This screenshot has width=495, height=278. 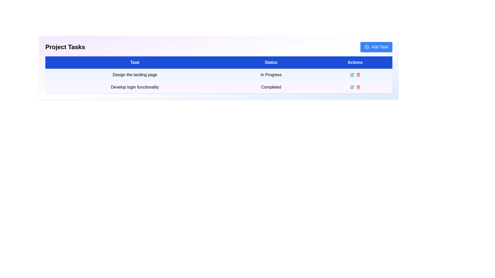 I want to click on the green pen icon in the second row of the task list under the 'Actions' column to initiate editing the task labeled 'Develop login functionality.', so click(x=352, y=75).